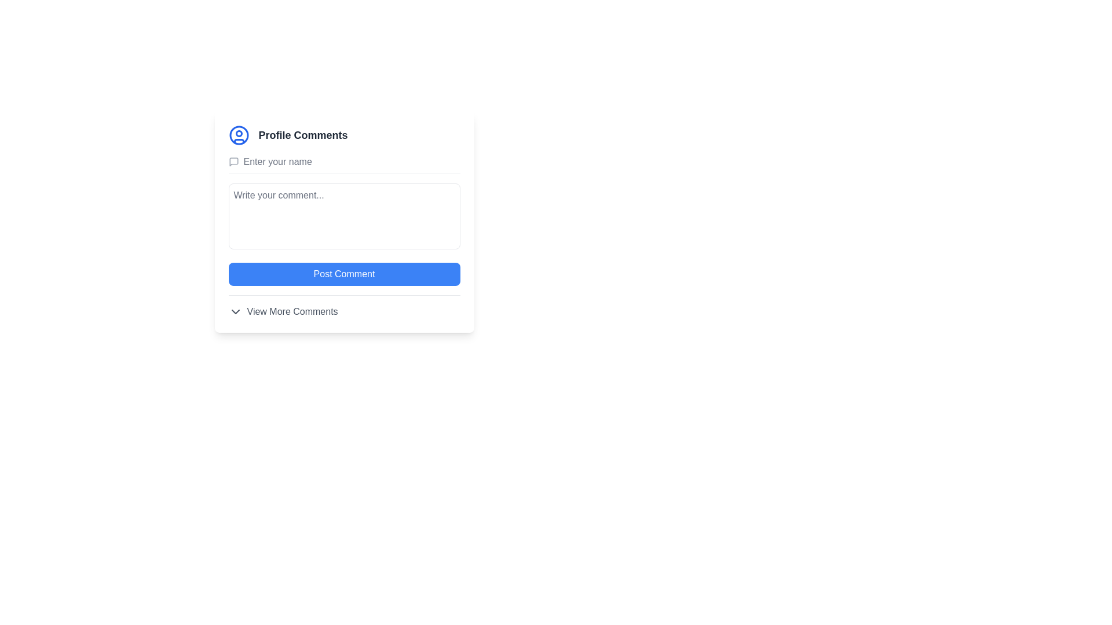 The height and width of the screenshot is (625, 1112). I want to click on the speech bubble icon located in the 'Profile Comments' section, adjacent to the 'Enter your name' input field, so click(233, 162).